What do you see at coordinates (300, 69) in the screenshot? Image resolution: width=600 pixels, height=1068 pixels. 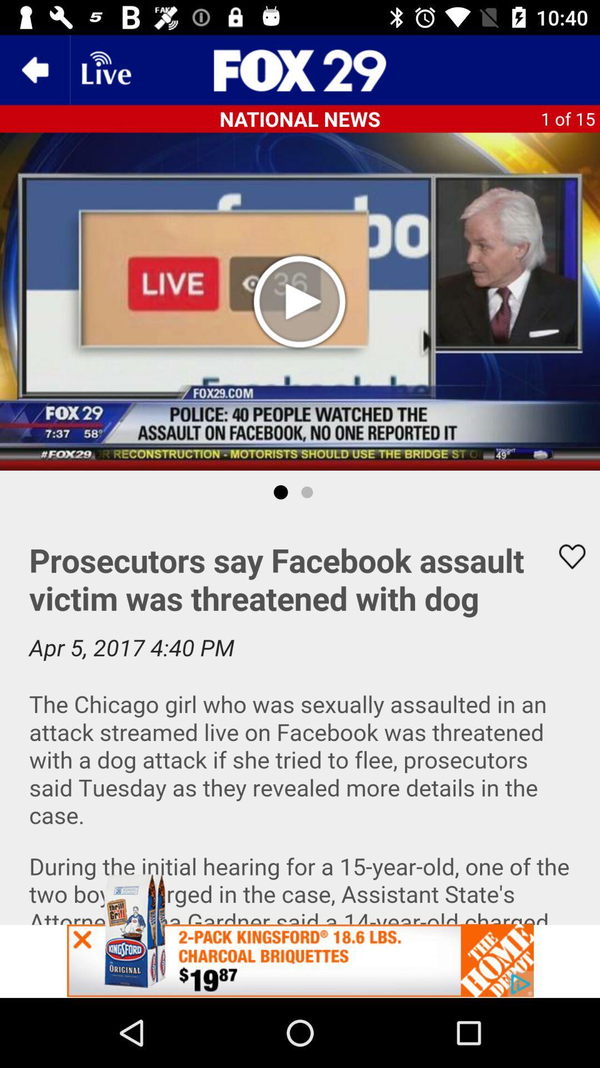 I see `the sliders icon` at bounding box center [300, 69].